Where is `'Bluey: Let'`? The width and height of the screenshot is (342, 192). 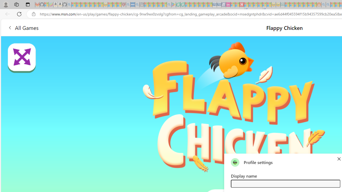
'Bluey: Let' is located at coordinates (174, 5).